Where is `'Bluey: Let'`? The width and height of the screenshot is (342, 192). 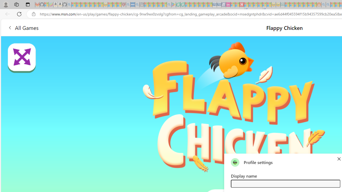
'Bluey: Let' is located at coordinates (174, 5).